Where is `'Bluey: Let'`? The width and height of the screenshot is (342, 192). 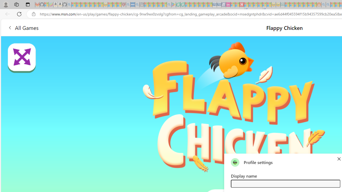
'Bluey: Let' is located at coordinates (174, 5).